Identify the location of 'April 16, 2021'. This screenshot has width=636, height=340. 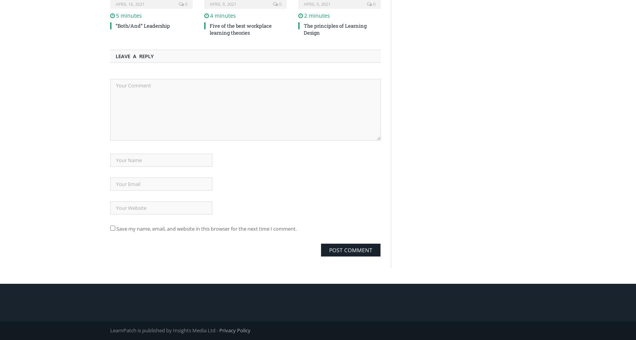
(130, 3).